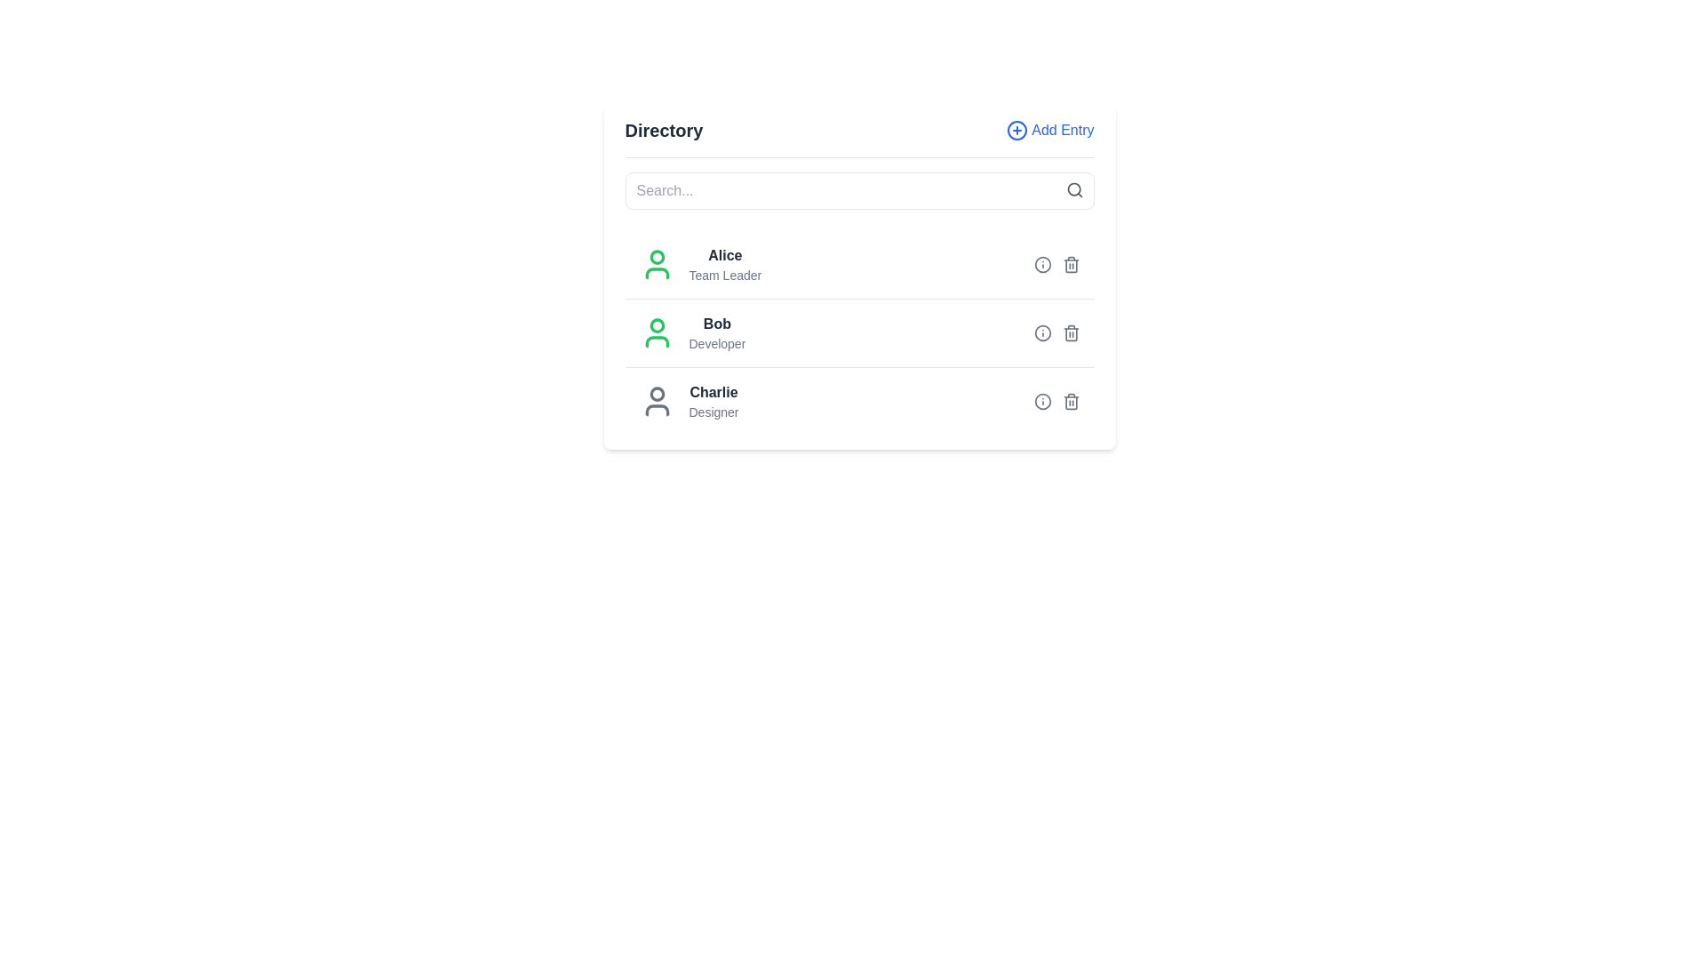  Describe the element at coordinates (1017, 129) in the screenshot. I see `the circular icon with a blue border containing a plus symbol, located to the left of the 'Add Entry' text` at that location.